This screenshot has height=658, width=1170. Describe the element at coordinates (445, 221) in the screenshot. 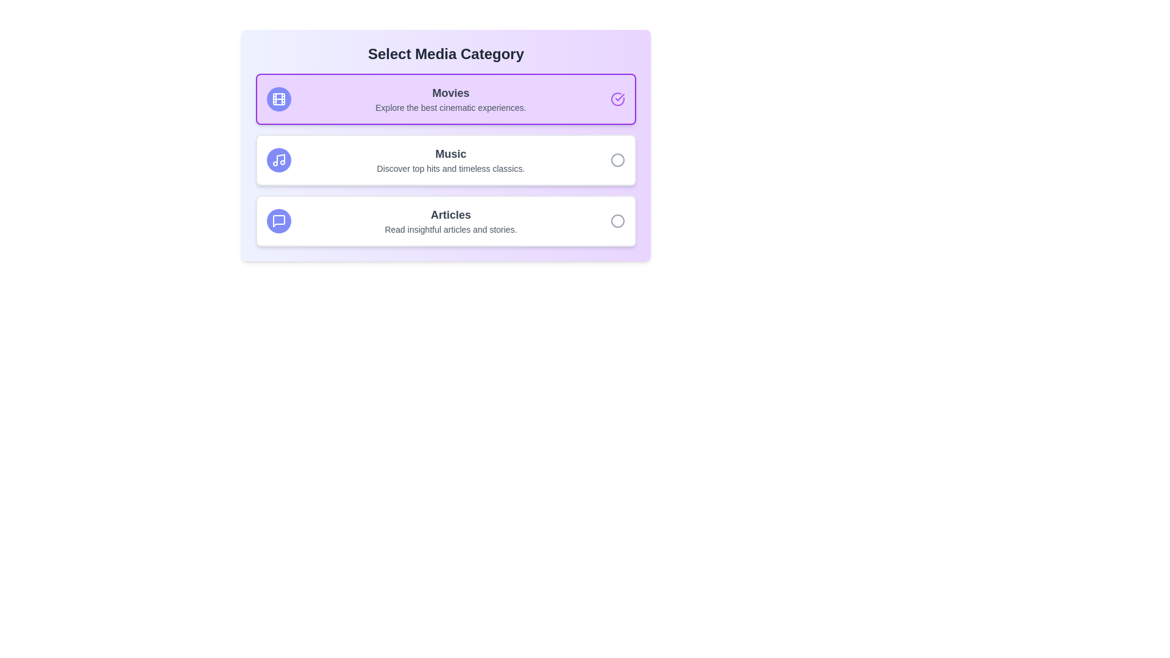

I see `the 'Articles' button, which is the third button in a vertical list of three buttons labeled 'Movies', 'Music', and 'Articles'` at that location.